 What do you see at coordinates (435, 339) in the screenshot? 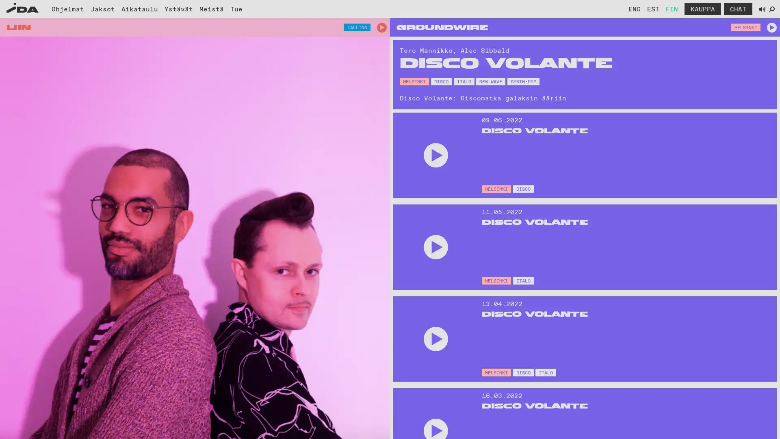
I see `Play` at bounding box center [435, 339].